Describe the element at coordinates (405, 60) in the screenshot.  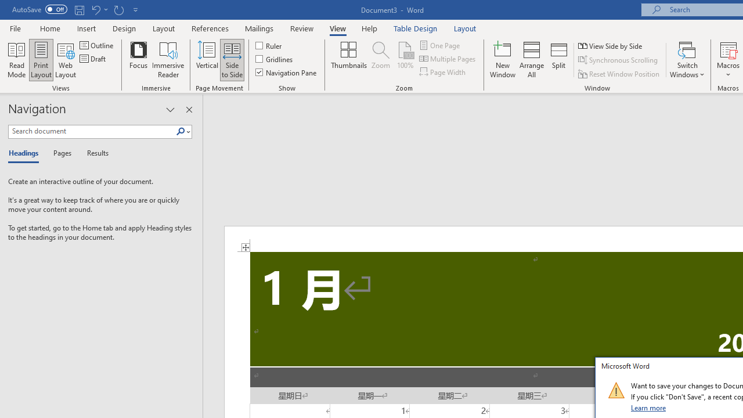
I see `'100%'` at that location.